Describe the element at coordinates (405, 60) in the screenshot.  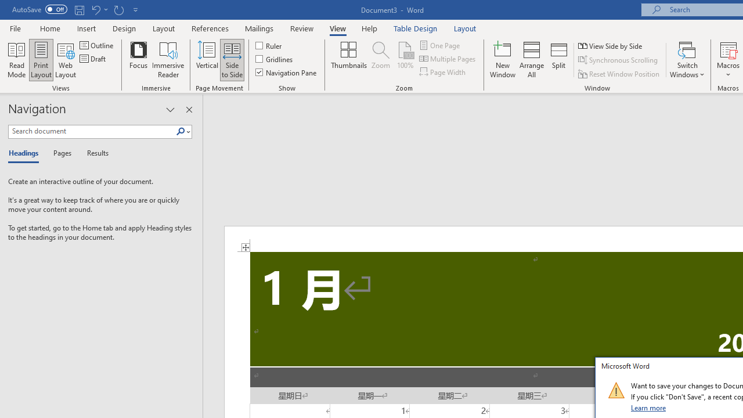
I see `'100%'` at that location.